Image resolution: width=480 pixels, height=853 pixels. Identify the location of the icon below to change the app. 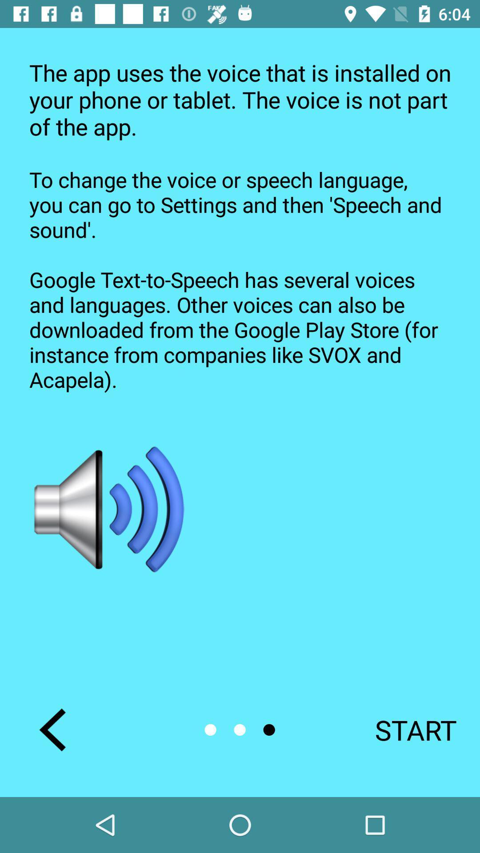
(109, 510).